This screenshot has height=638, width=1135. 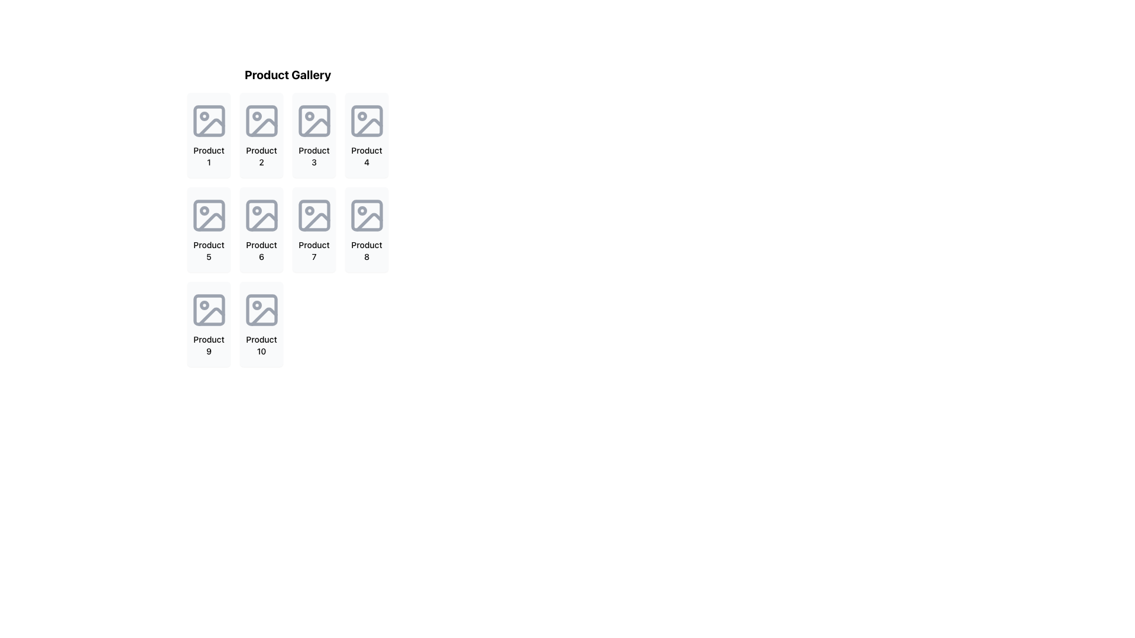 What do you see at coordinates (261, 250) in the screenshot?
I see `the text label identifying the specific product in the middle row of the second column of the product grid` at bounding box center [261, 250].